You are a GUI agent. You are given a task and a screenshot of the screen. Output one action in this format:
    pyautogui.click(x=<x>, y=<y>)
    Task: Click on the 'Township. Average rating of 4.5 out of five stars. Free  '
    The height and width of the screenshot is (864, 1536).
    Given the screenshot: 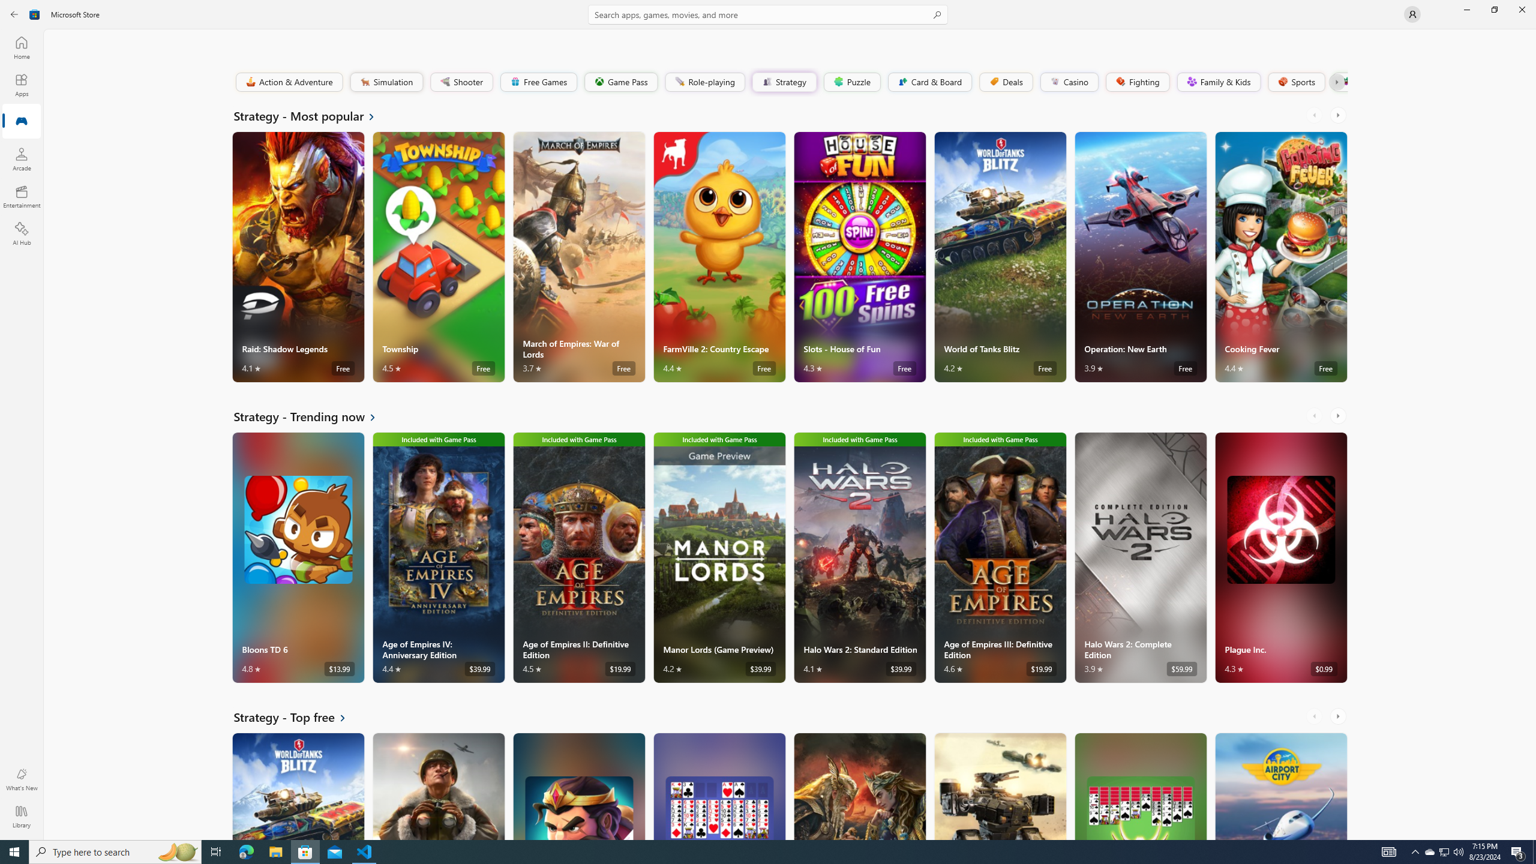 What is the action you would take?
    pyautogui.click(x=437, y=257)
    